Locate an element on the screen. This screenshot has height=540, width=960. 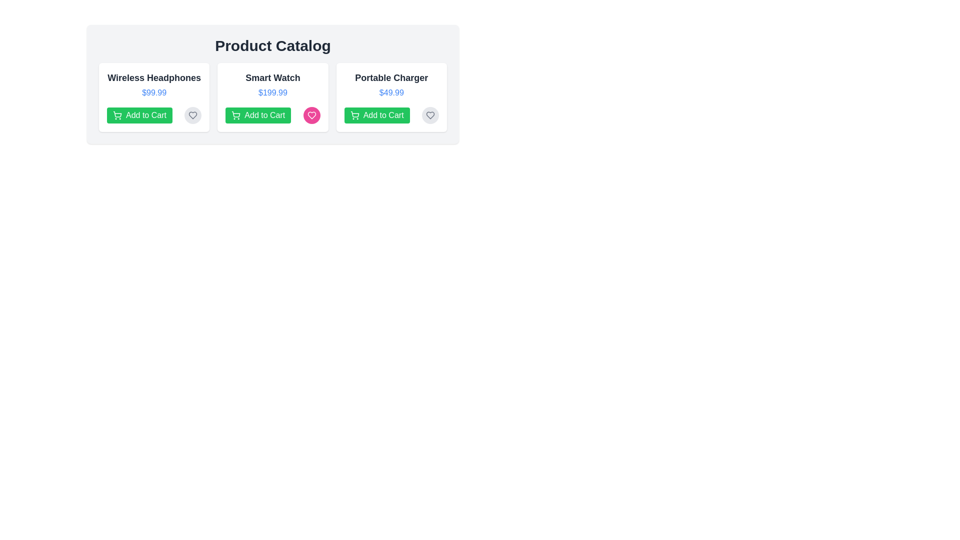
the name of the product Smart Watch from the list is located at coordinates (273, 77).